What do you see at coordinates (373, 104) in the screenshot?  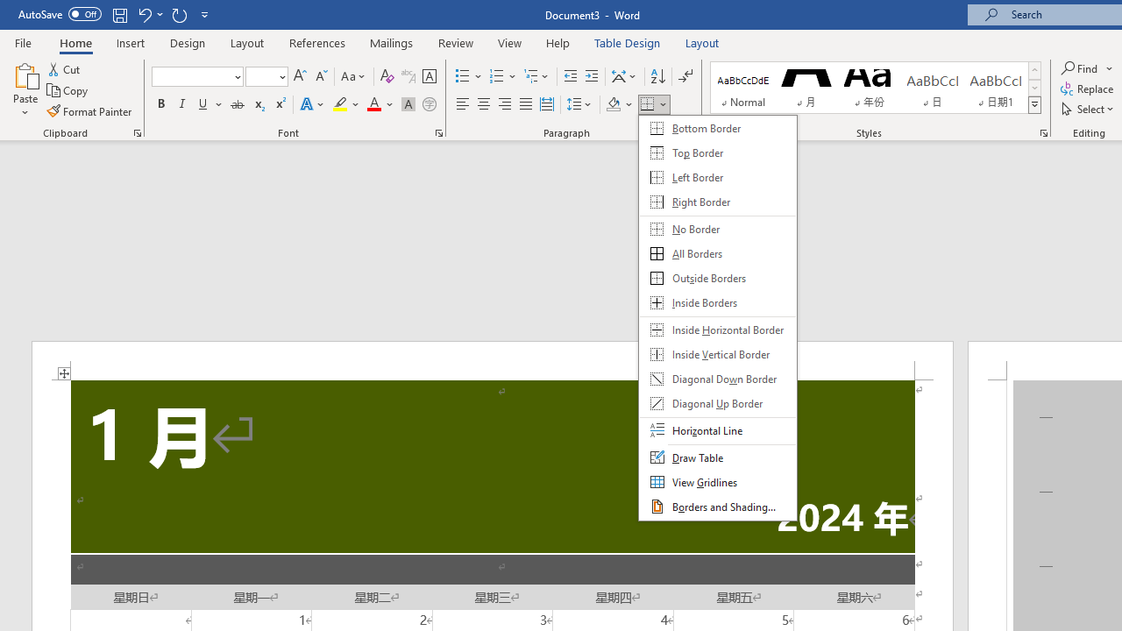 I see `'Font Color RGB(255, 0, 0)'` at bounding box center [373, 104].